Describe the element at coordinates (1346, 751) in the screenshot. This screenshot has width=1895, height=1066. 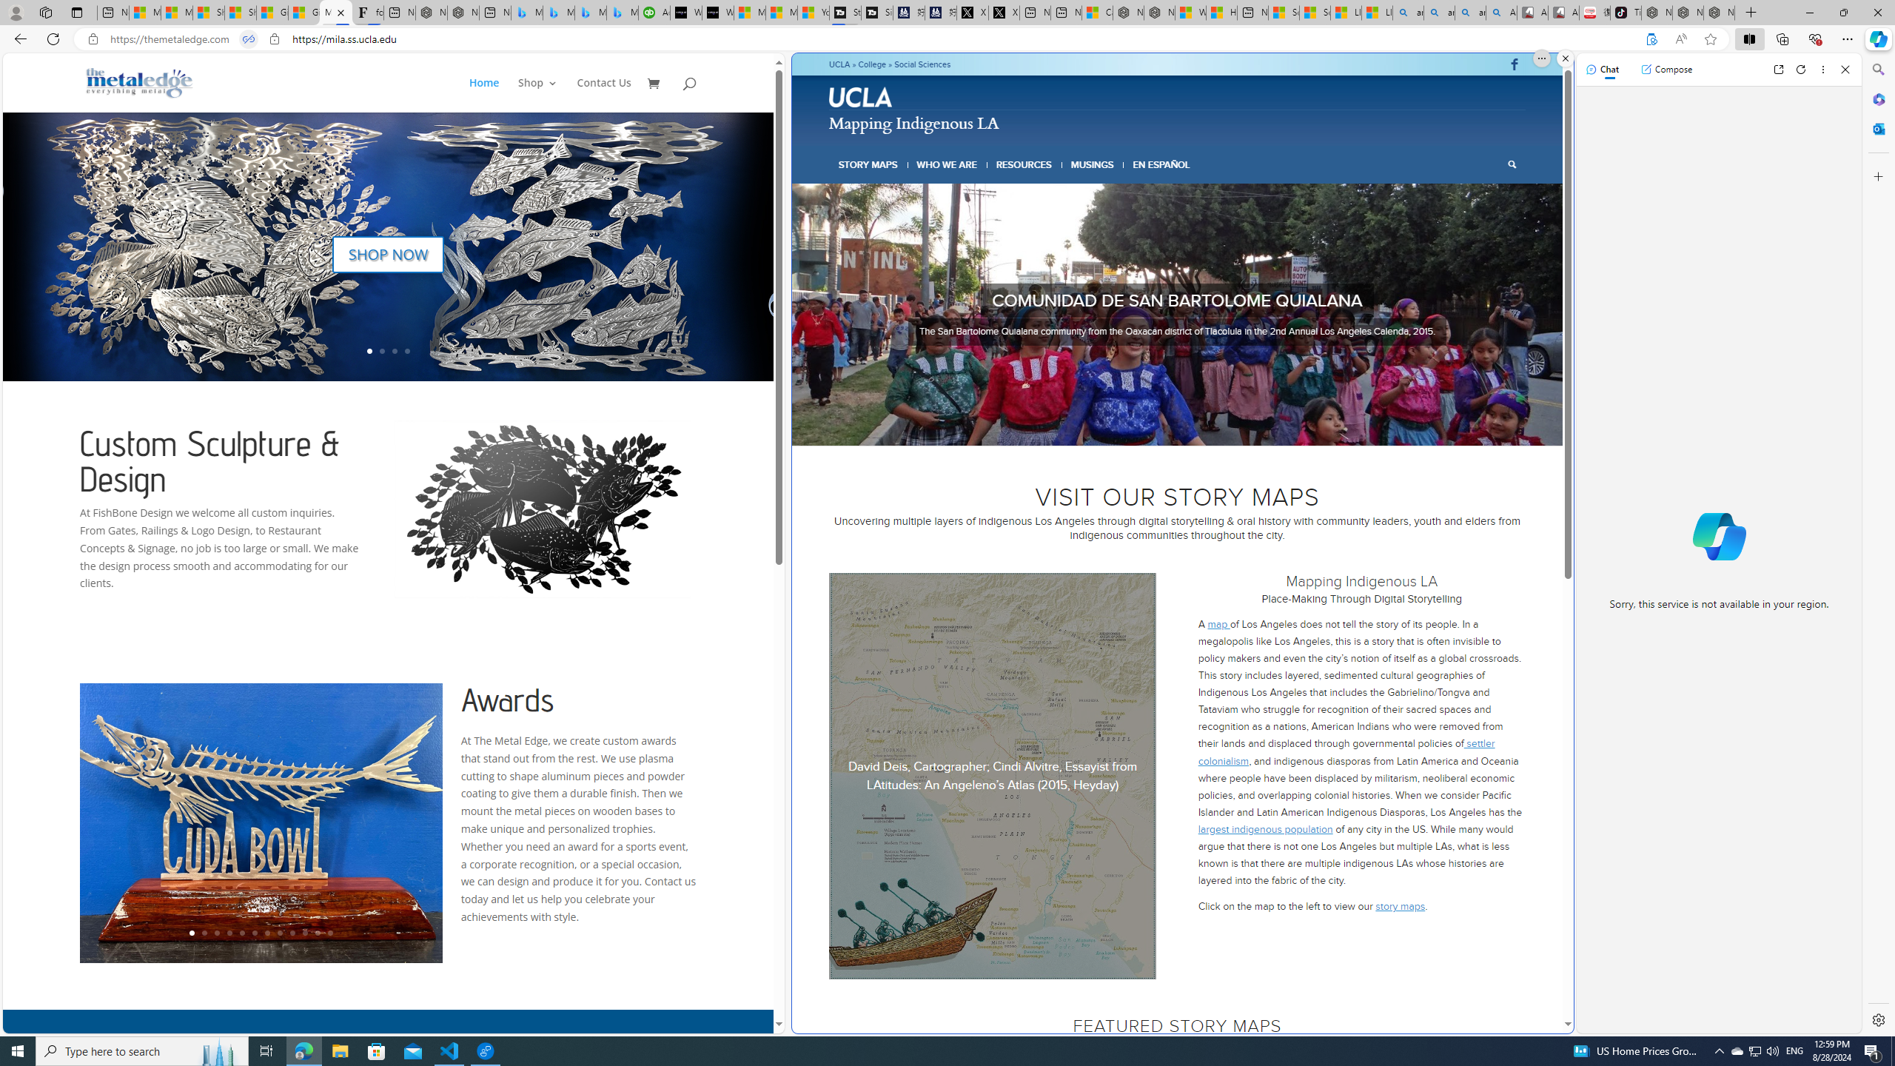
I see `' settler colonialism'` at that location.